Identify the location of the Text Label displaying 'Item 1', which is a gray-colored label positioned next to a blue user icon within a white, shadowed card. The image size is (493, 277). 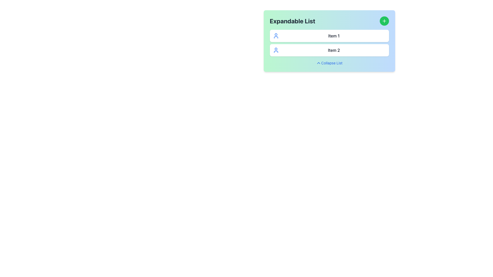
(334, 35).